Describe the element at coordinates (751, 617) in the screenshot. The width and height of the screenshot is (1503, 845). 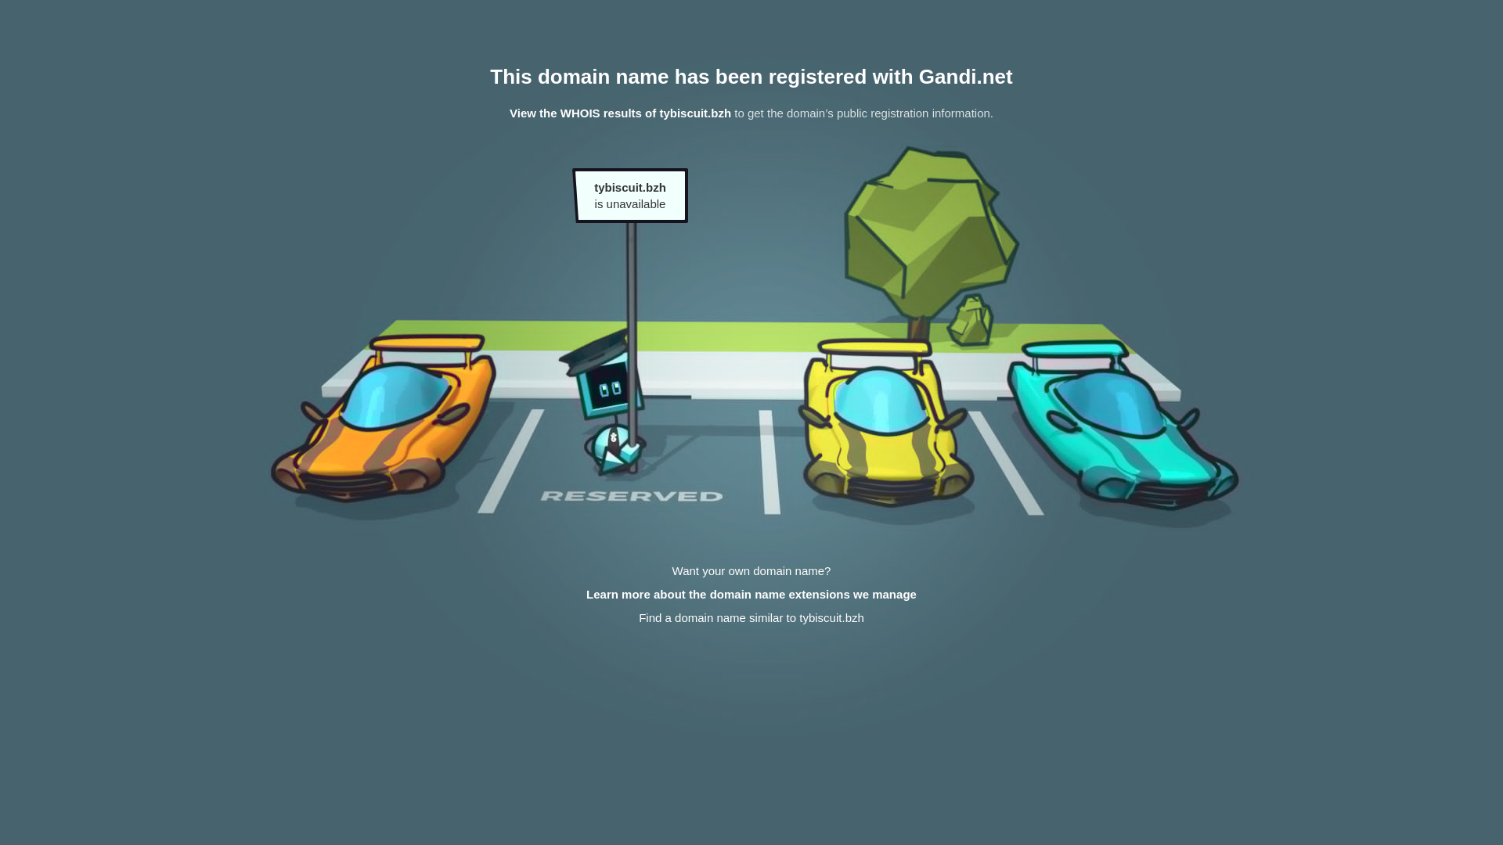
I see `'Find a domain name similar to tybiscuit.bzh'` at that location.